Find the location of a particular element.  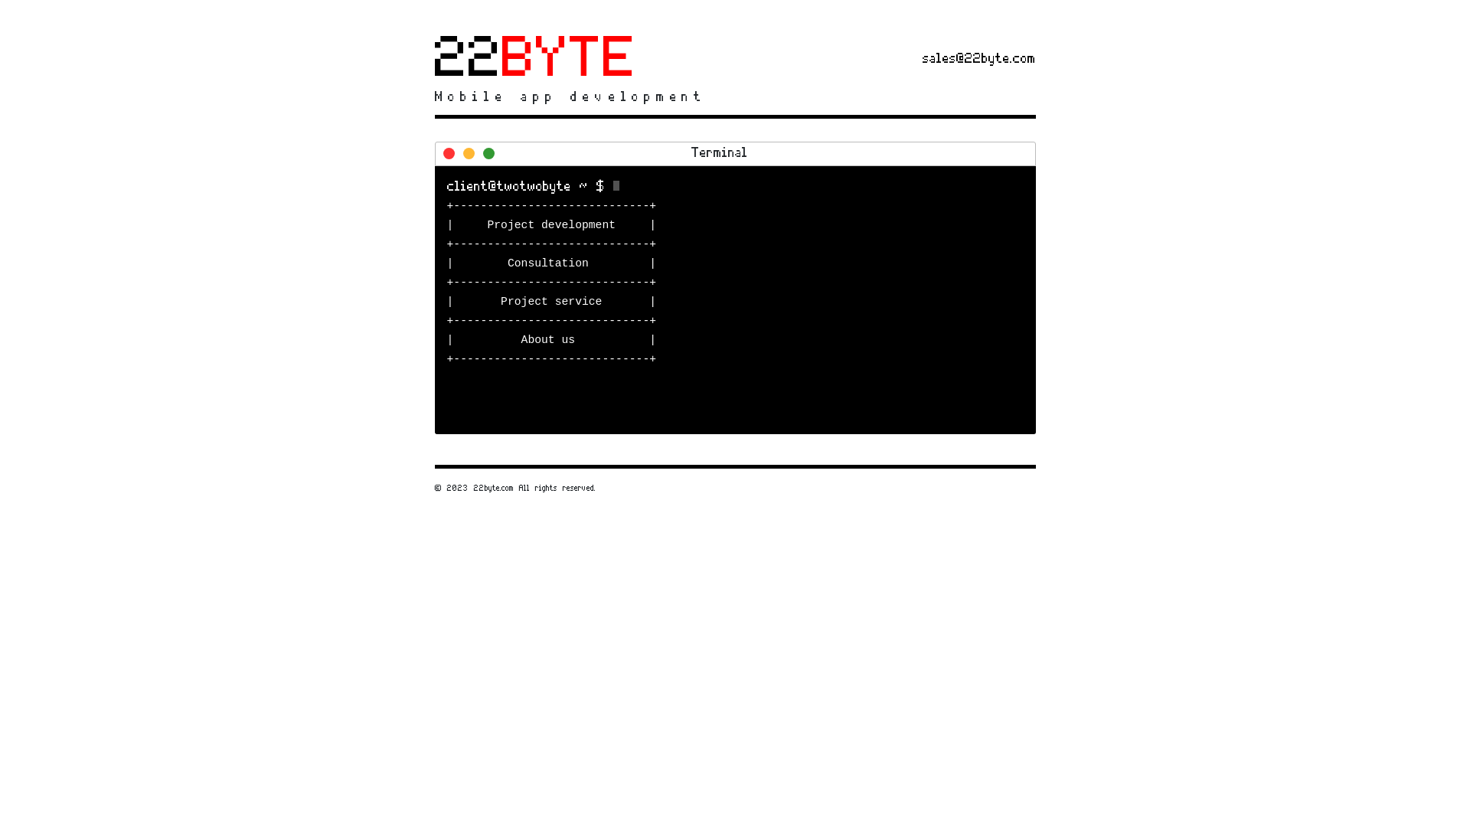

'22BYTE is located at coordinates (581, 64).